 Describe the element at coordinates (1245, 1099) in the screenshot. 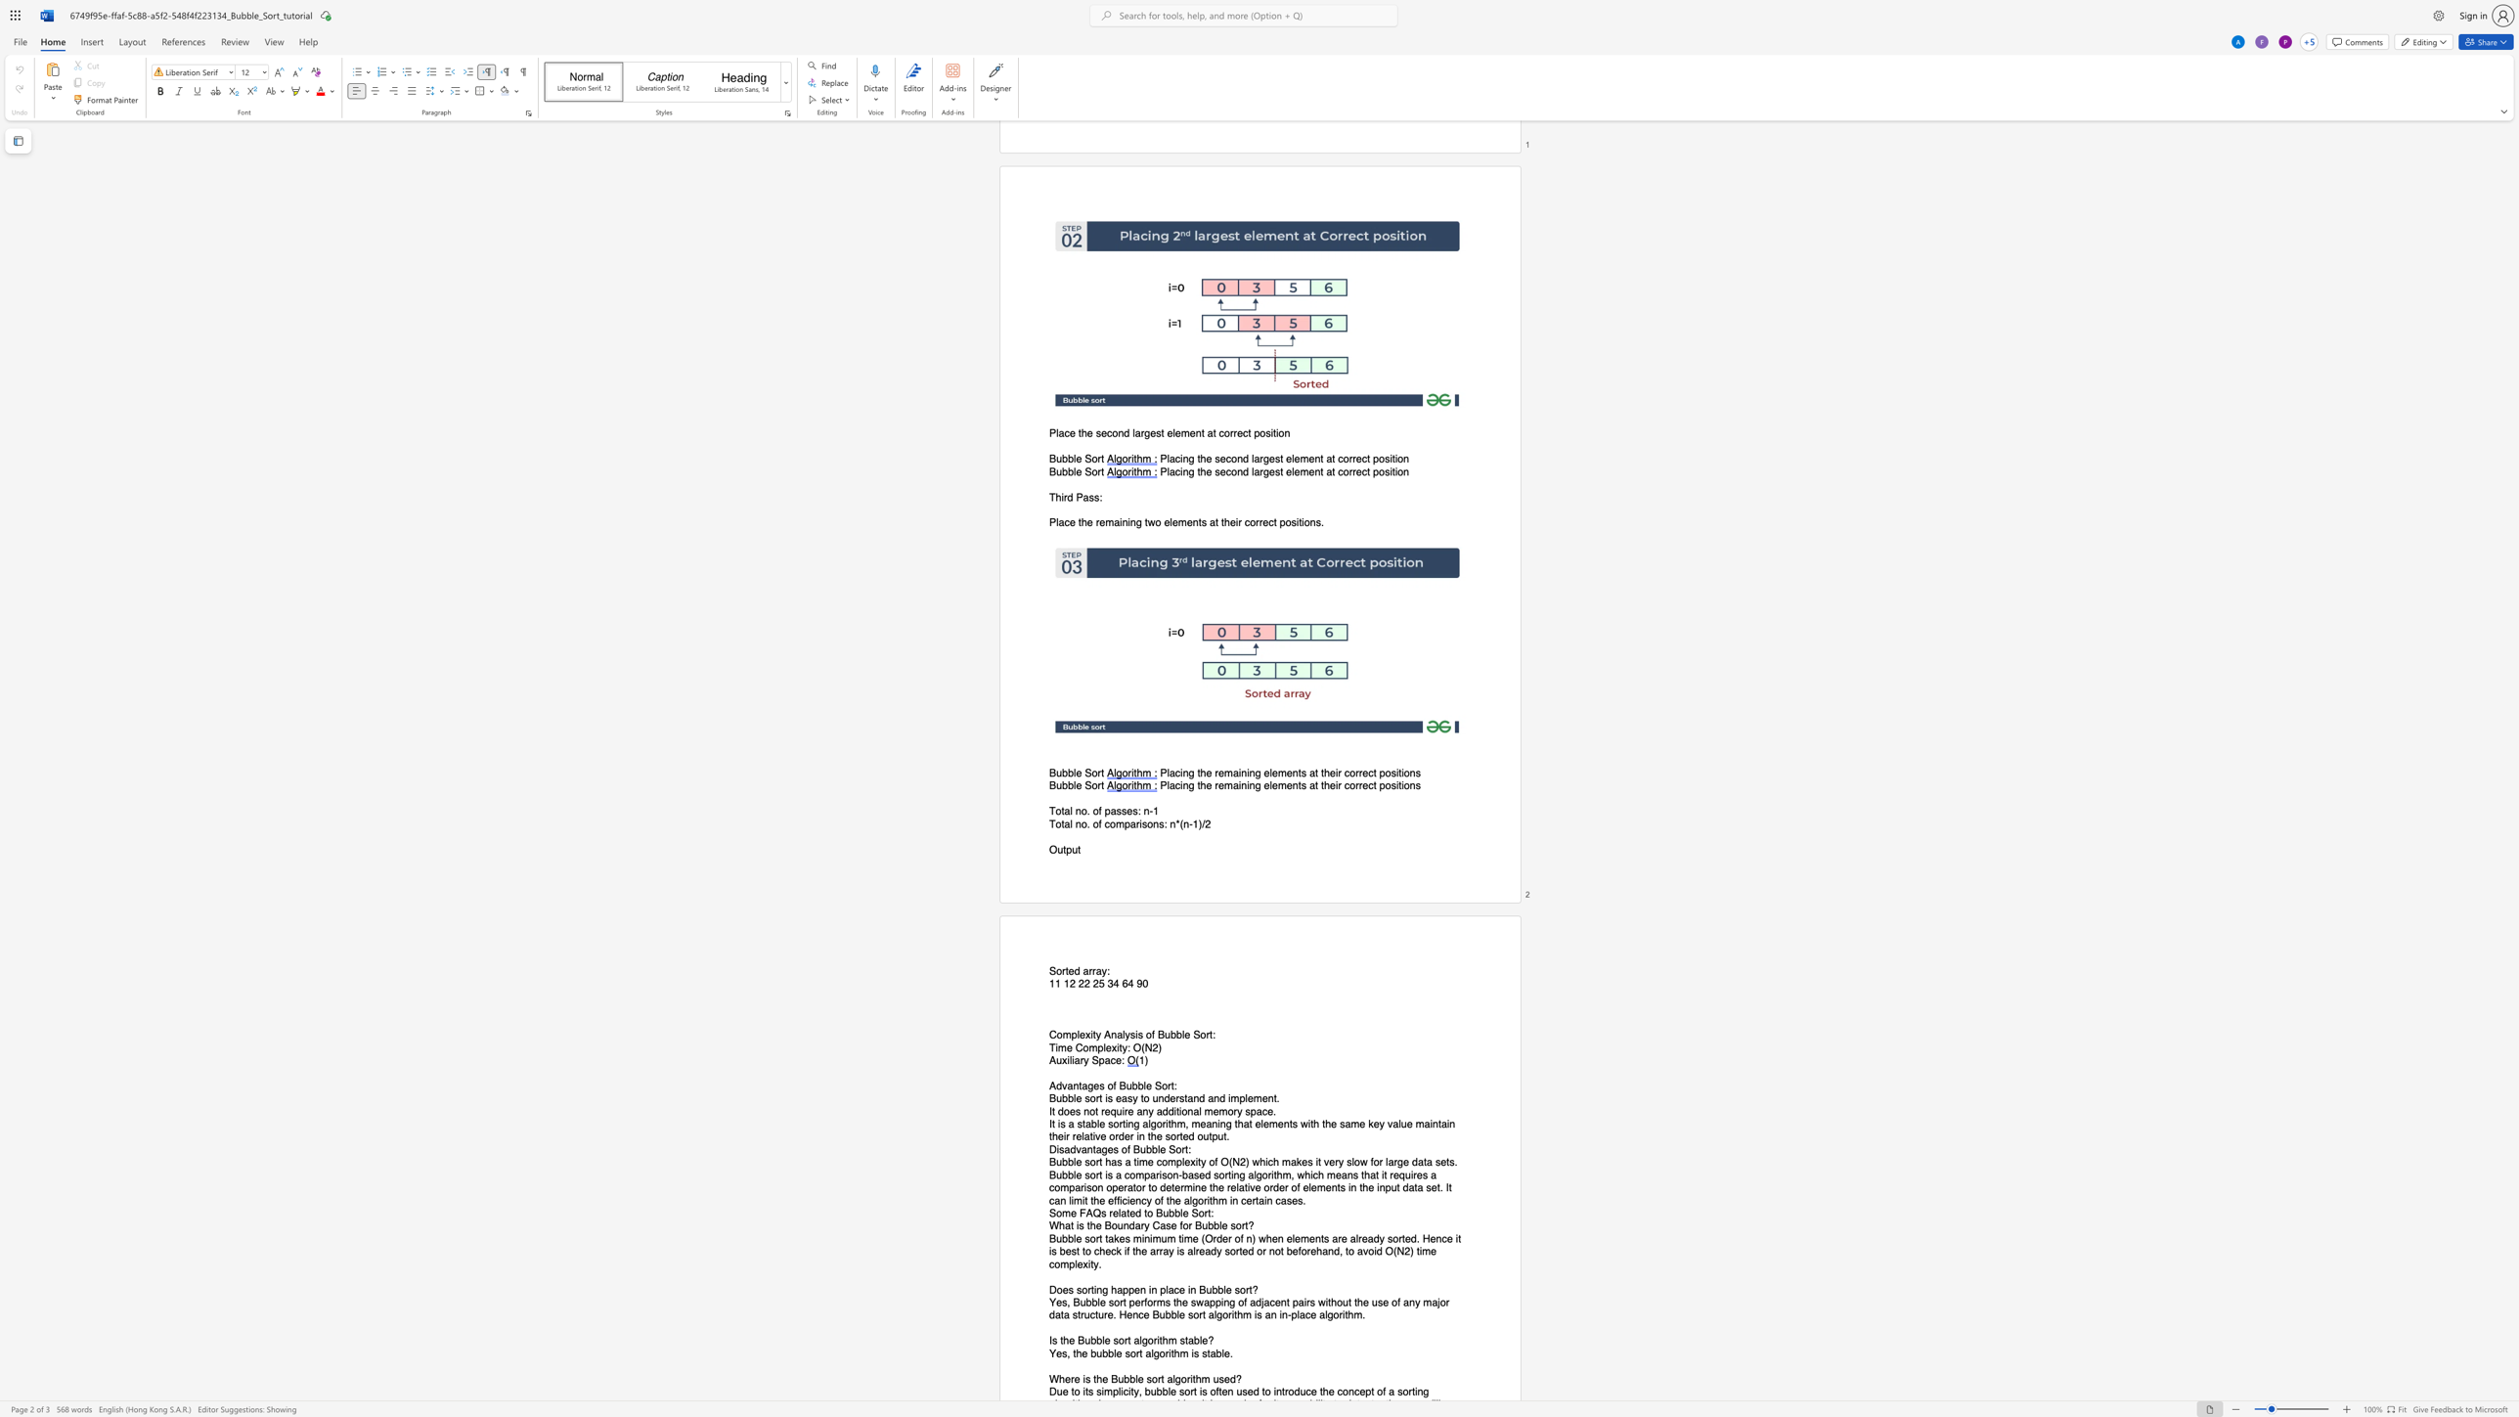

I see `the 2th character "l" in the text` at that location.